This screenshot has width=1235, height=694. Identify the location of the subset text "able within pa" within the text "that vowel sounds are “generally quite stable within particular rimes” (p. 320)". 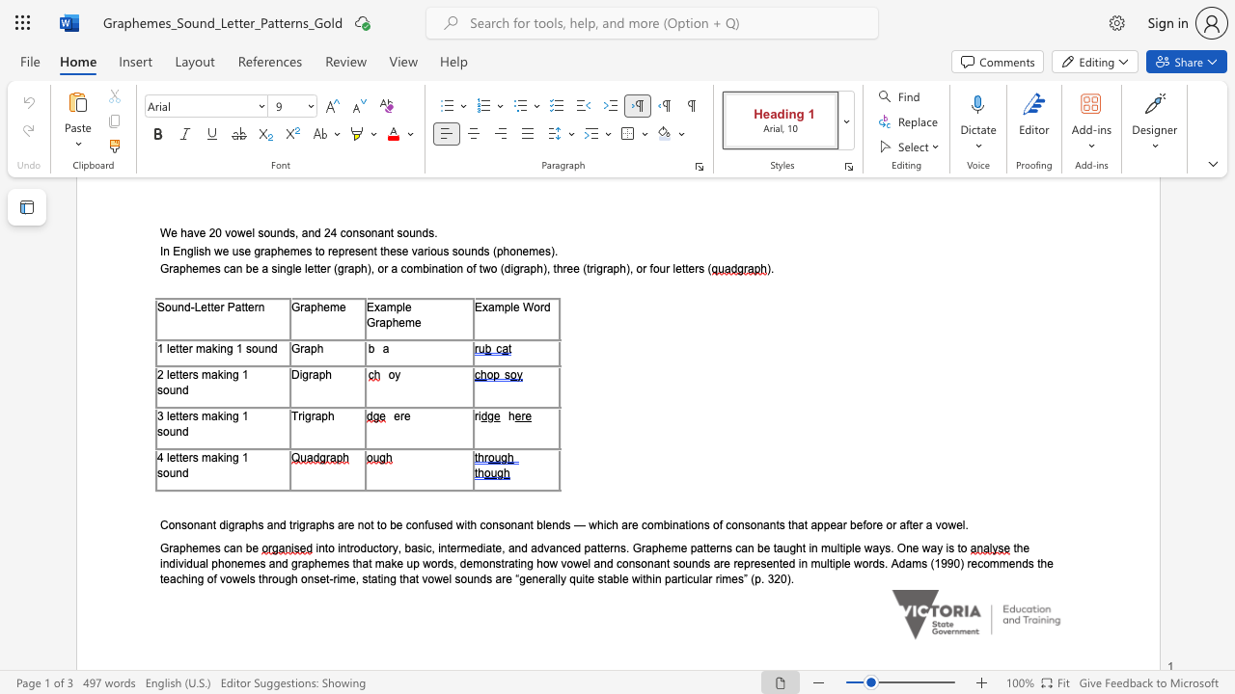
(605, 577).